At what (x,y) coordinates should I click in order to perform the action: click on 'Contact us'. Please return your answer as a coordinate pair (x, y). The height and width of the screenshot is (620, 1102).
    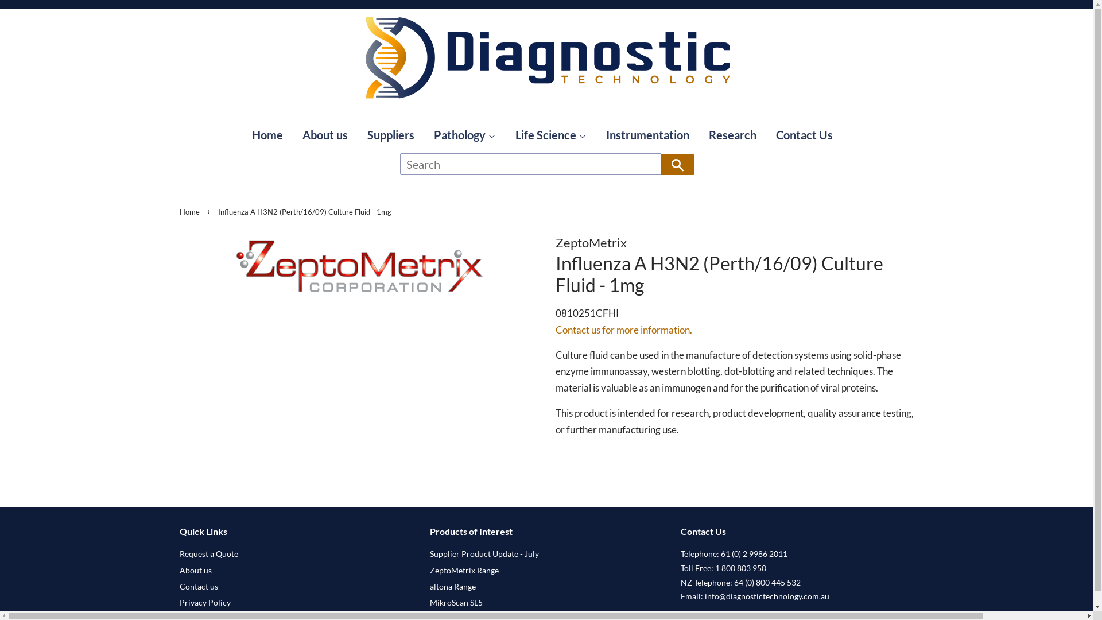
    Looking at the image, I should click on (198, 586).